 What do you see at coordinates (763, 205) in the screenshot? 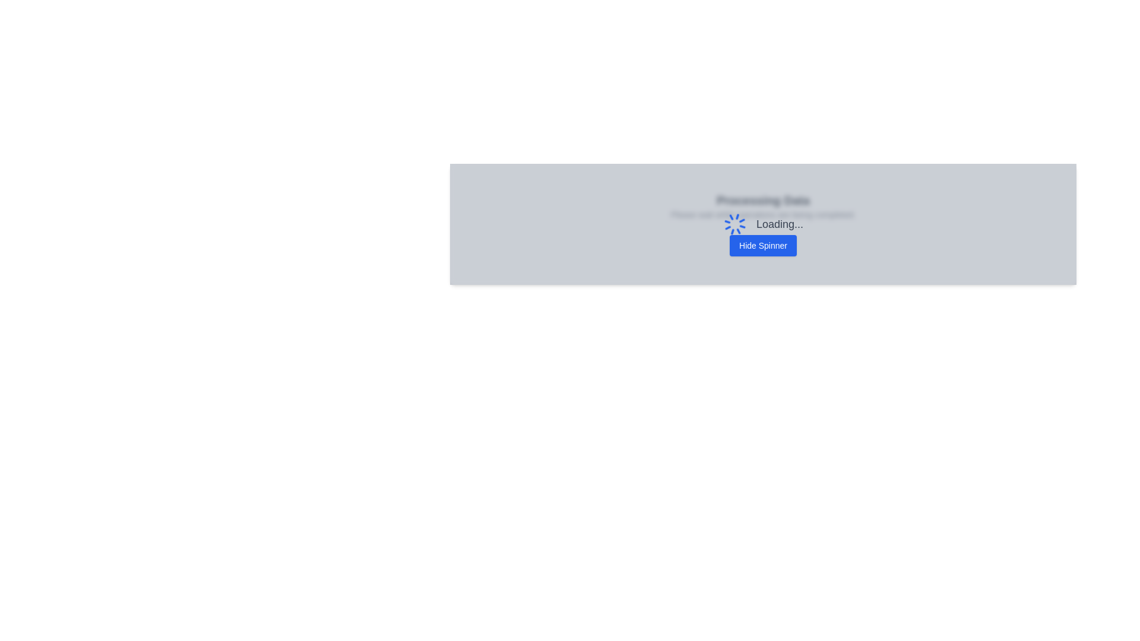
I see `the 'Processing Data' text display element, which contains the bold title 'Processing Data' and the smaller text 'Please wait while operations are being completed.'` at bounding box center [763, 205].